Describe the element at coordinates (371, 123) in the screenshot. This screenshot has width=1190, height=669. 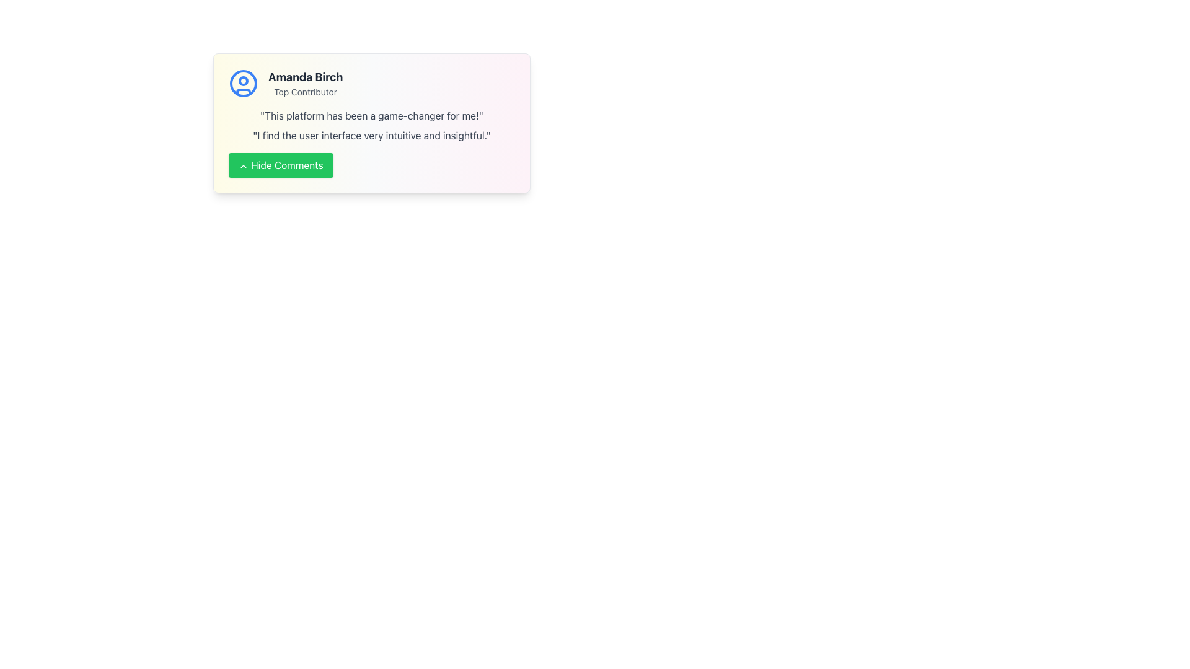
I see `testimonial text displayed on the User Review Card for user 'Amanda Birch', located at the center of the application panel` at that location.